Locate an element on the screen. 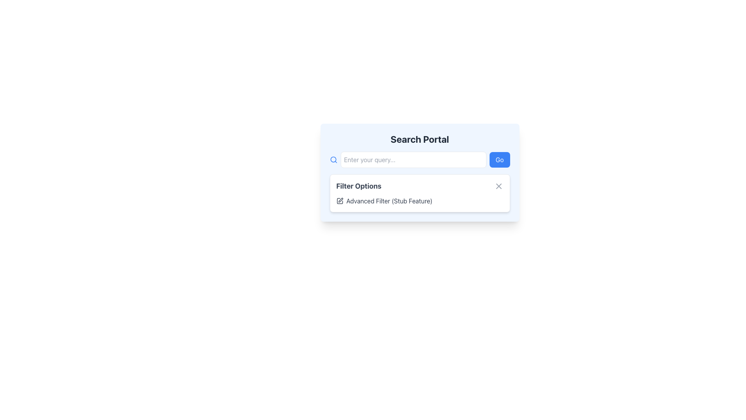 The height and width of the screenshot is (420, 746). the 'X' shaped icon located at the upper-right corner of the 'Filter Options' section is located at coordinates (498, 186).